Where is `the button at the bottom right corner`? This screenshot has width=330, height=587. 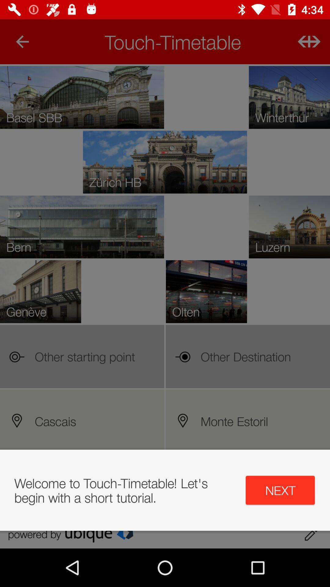
the button at the bottom right corner is located at coordinates (280, 490).